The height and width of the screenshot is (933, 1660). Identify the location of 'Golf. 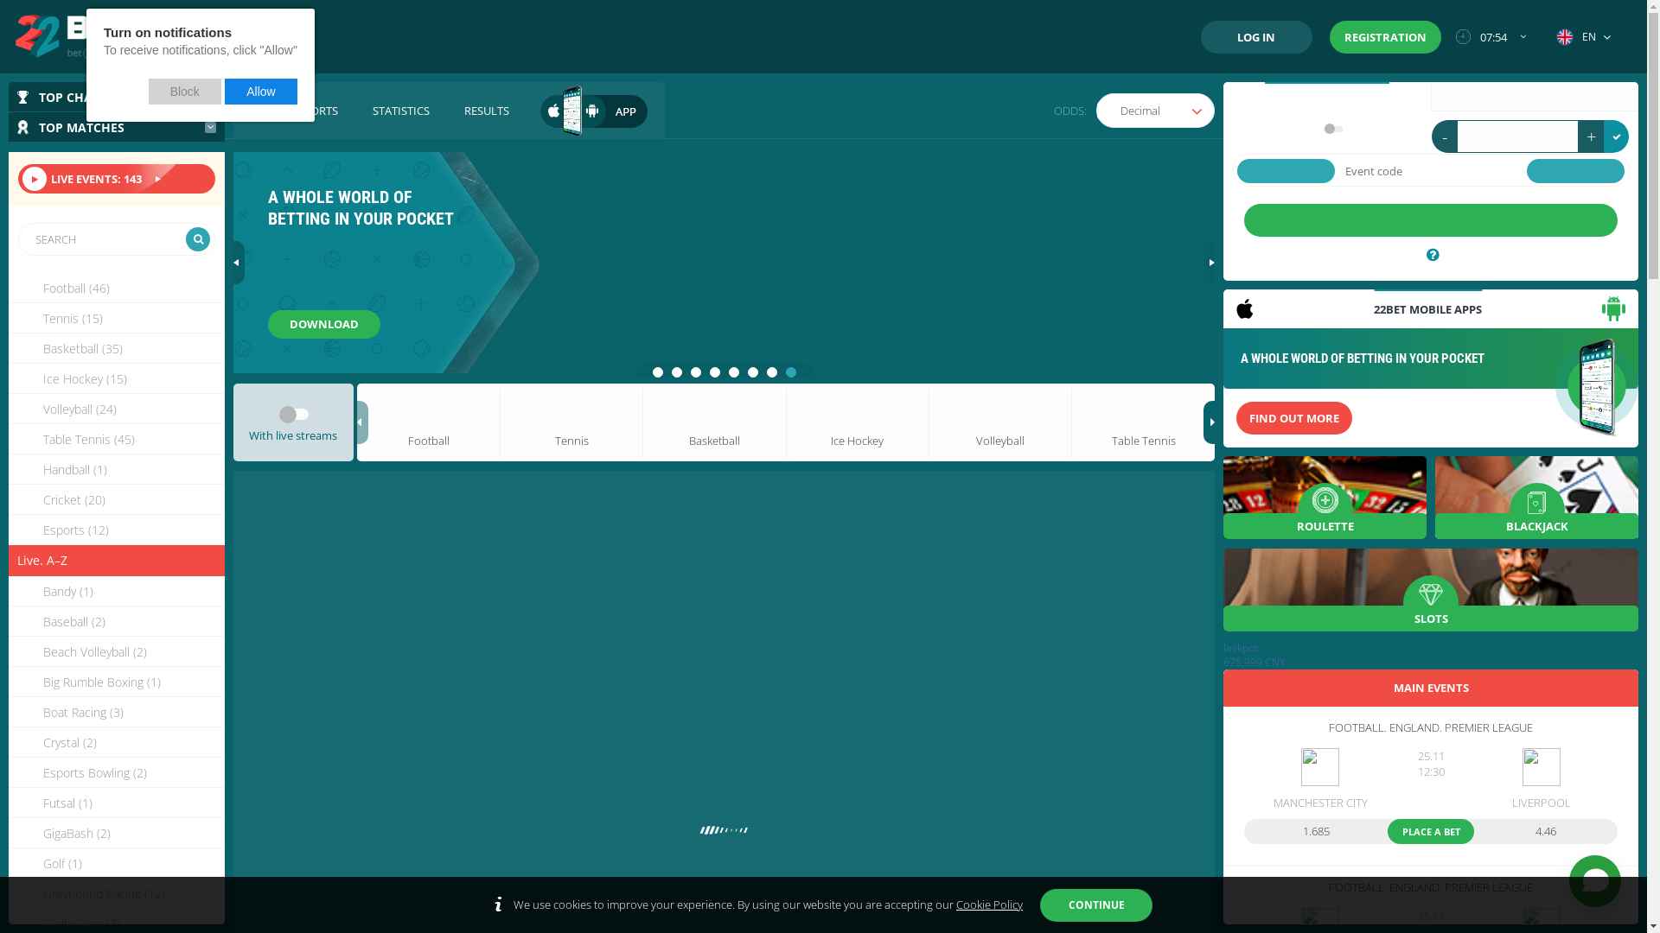
(115, 863).